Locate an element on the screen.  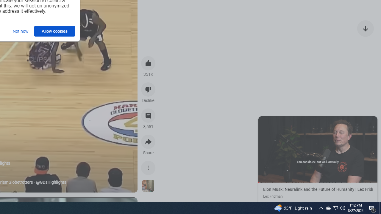
'See more videos using this sound' is located at coordinates (148, 186).